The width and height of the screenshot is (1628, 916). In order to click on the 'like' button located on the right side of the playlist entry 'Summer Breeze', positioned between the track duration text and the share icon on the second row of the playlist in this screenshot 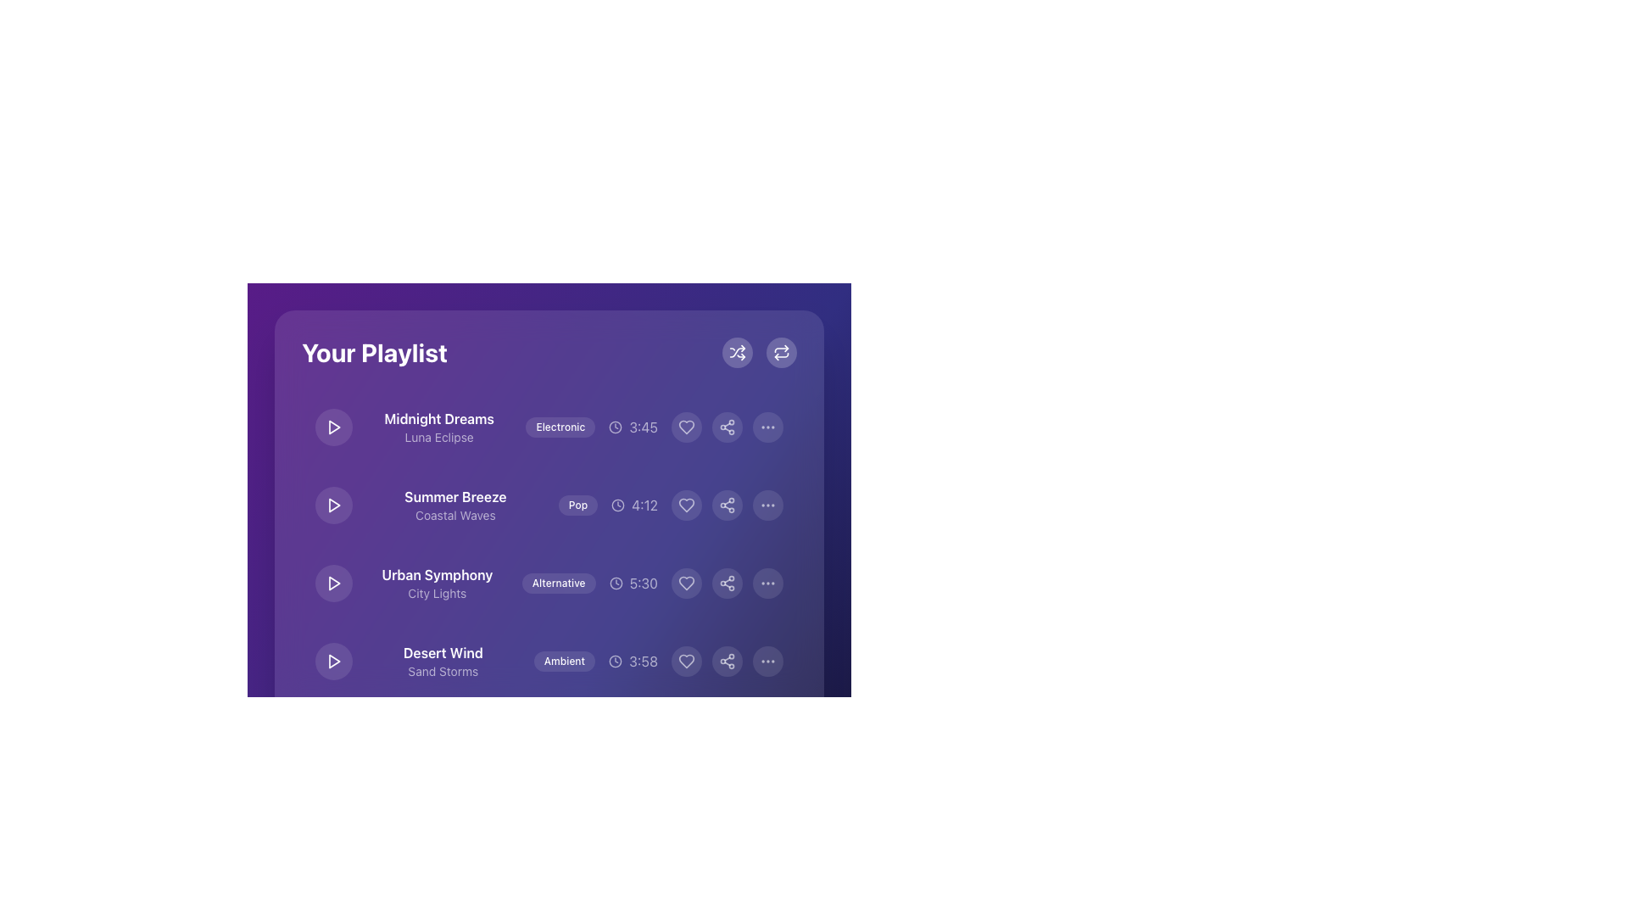, I will do `click(687, 505)`.